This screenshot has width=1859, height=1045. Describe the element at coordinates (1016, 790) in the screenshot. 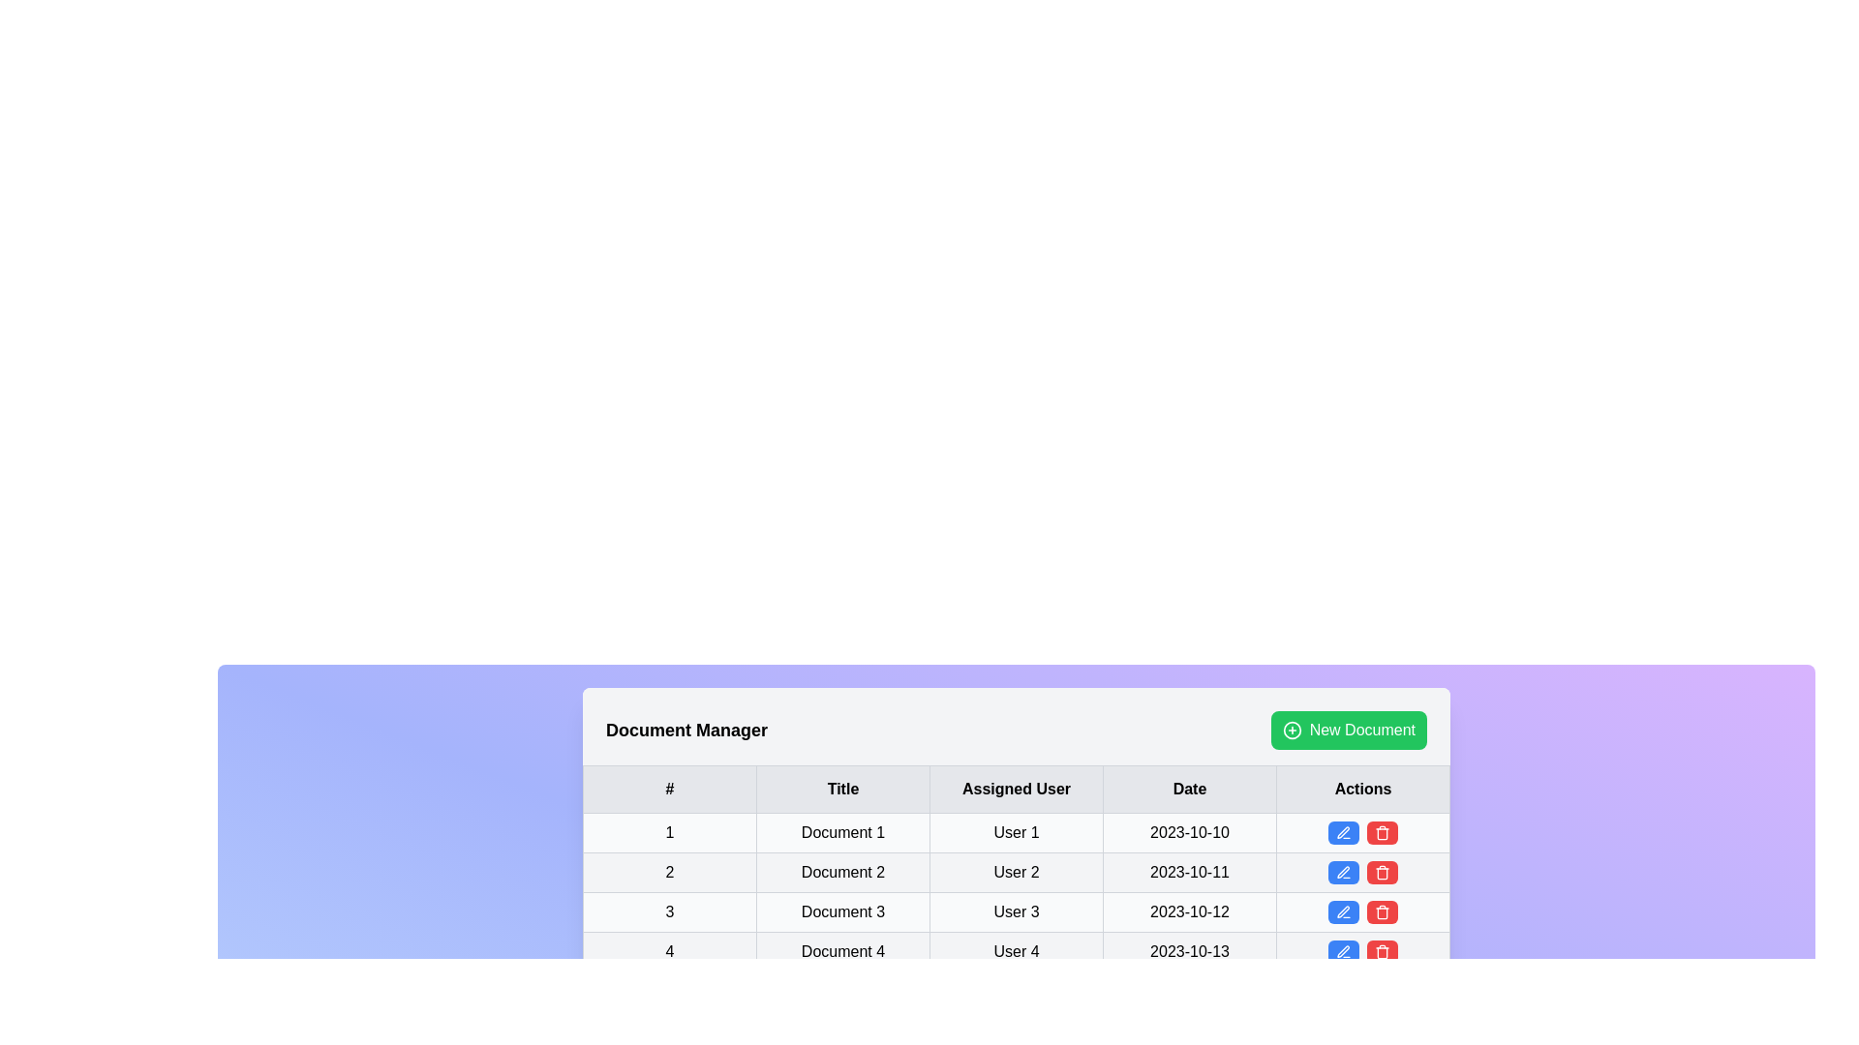

I see `the 'Assigned User' column header in the table to sort the entries by the assigned user` at that location.